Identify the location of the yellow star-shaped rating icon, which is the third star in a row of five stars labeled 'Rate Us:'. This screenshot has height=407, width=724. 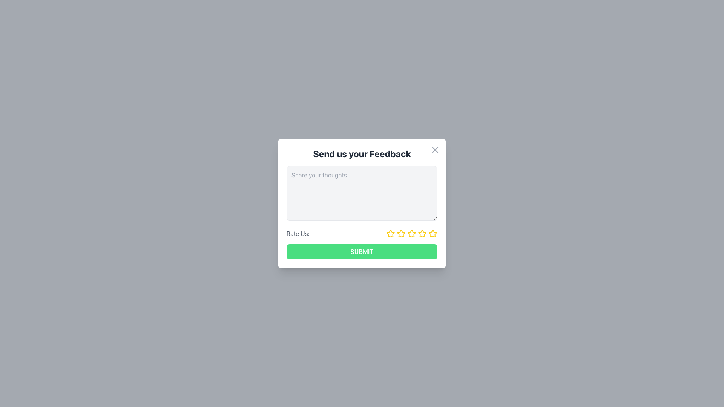
(411, 233).